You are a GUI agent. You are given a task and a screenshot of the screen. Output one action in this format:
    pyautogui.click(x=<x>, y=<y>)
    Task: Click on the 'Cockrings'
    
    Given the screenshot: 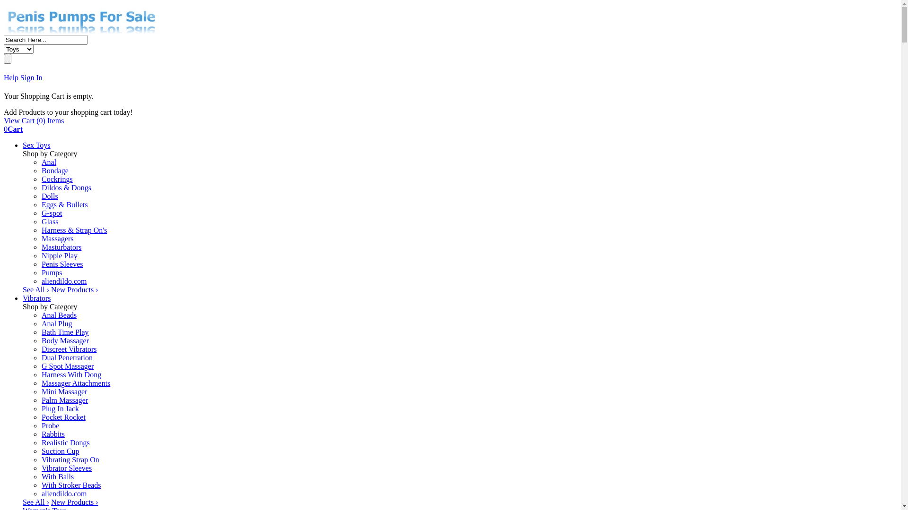 What is the action you would take?
    pyautogui.click(x=41, y=179)
    